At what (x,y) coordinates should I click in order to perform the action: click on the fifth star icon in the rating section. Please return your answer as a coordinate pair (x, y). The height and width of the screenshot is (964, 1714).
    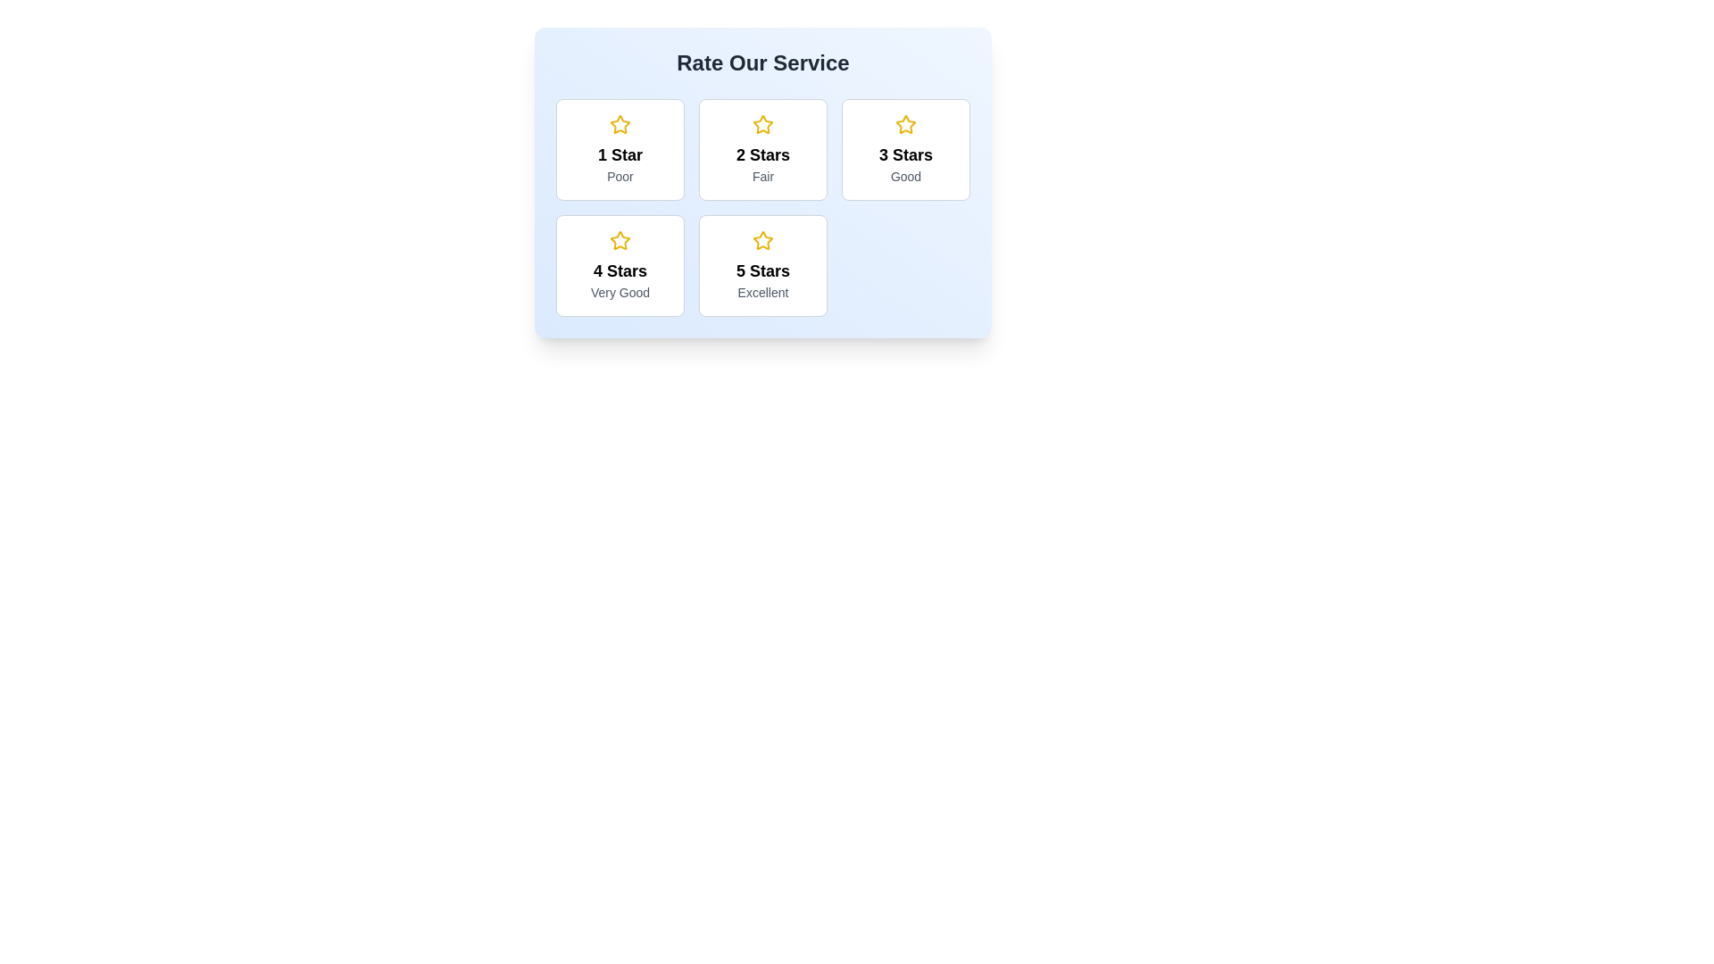
    Looking at the image, I should click on (762, 239).